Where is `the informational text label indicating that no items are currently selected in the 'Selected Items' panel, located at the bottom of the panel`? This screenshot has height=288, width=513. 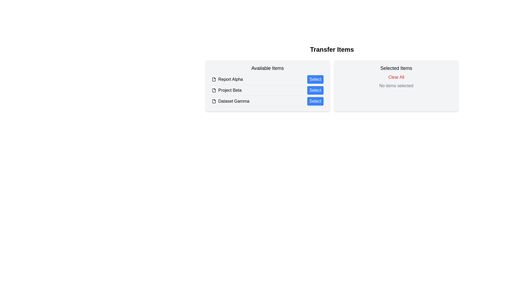 the informational text label indicating that no items are currently selected in the 'Selected Items' panel, located at the bottom of the panel is located at coordinates (396, 85).